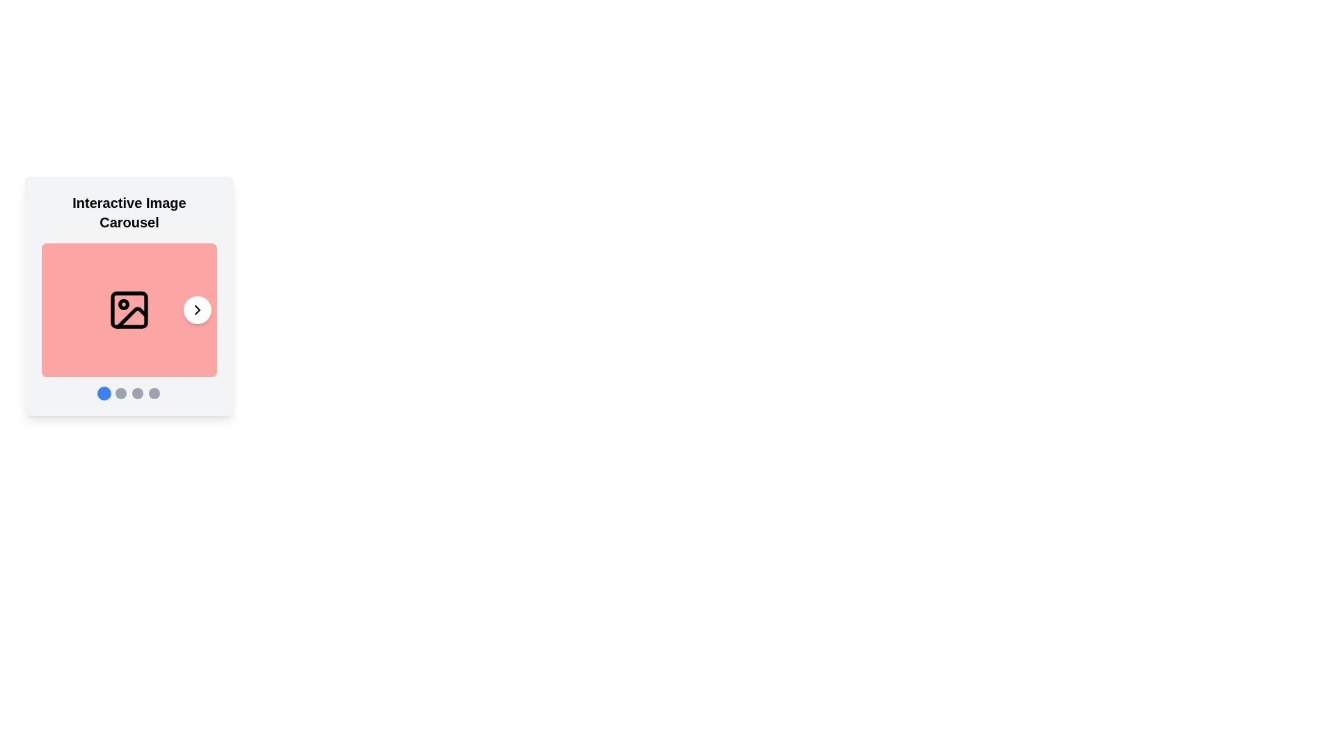 Image resolution: width=1336 pixels, height=751 pixels. I want to click on the small, vertically-aligned rectangle with rounded corners located inside the image icon within the carousel card, so click(129, 309).